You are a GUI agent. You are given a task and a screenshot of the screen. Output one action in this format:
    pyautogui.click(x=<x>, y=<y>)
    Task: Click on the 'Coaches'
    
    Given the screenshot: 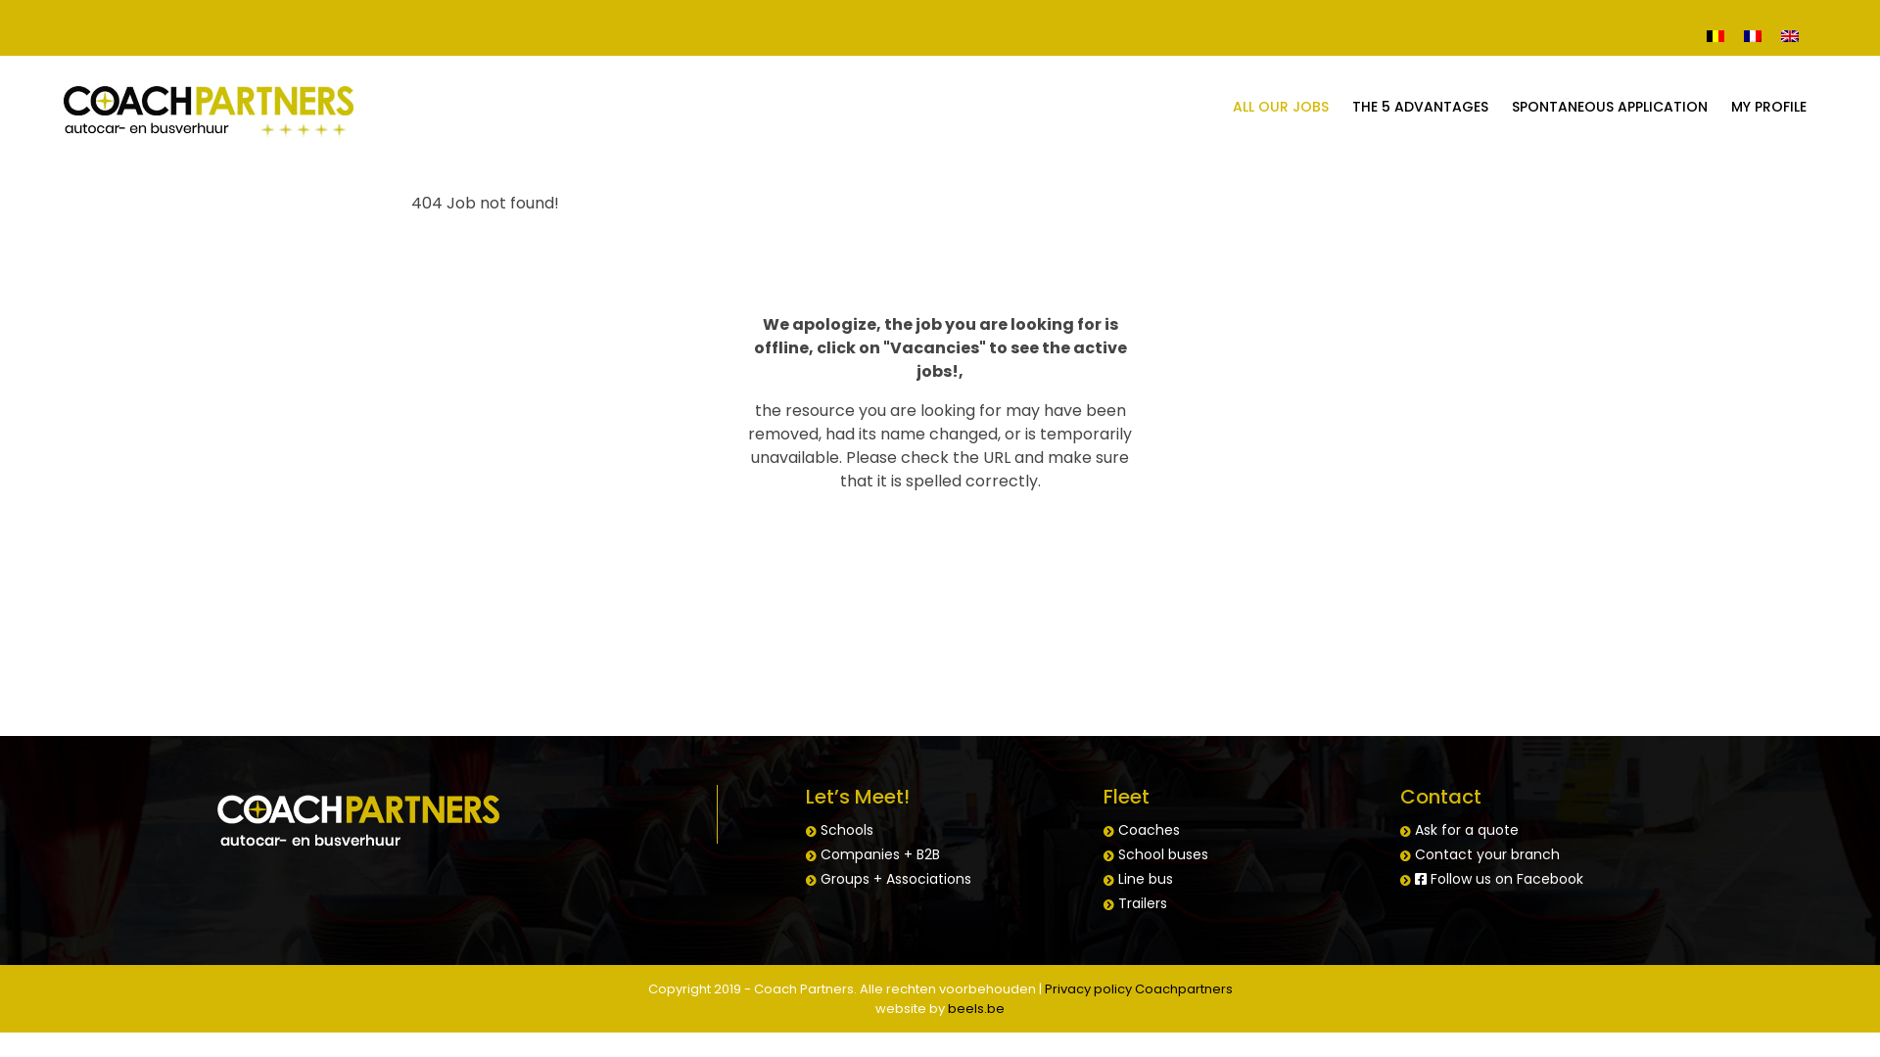 What is the action you would take?
    pyautogui.click(x=1118, y=830)
    